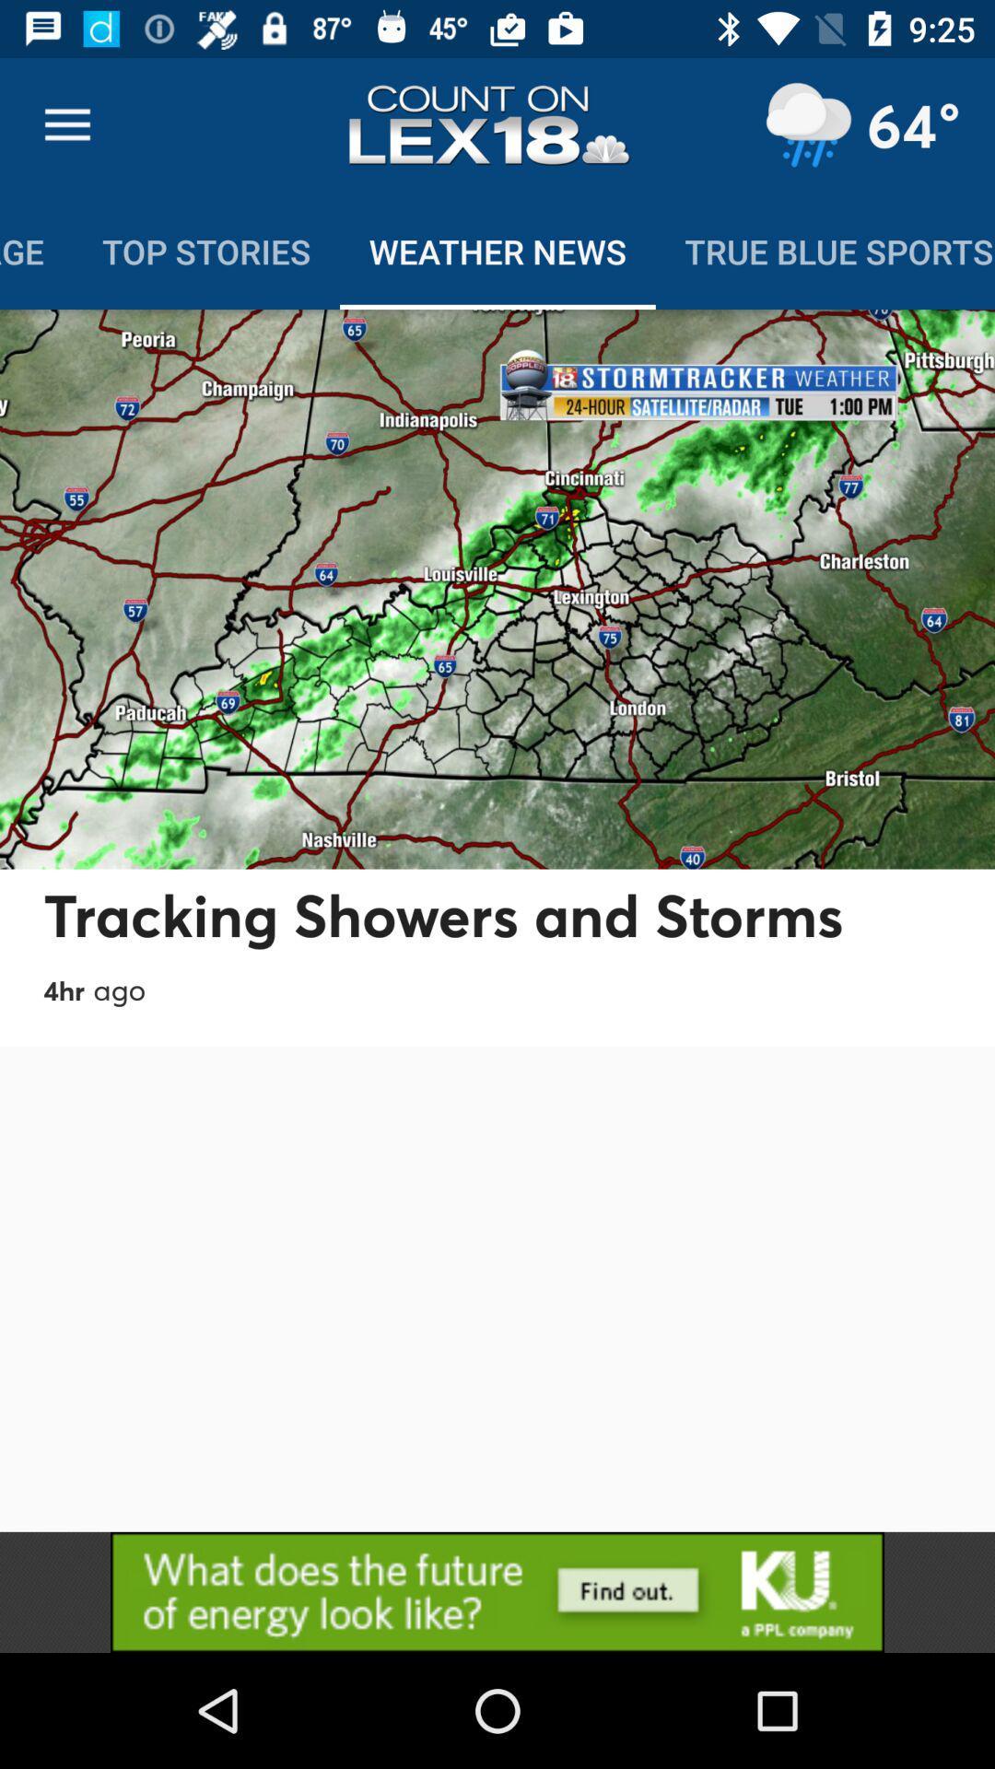 The height and width of the screenshot is (1769, 995). I want to click on its going to rain, so click(807, 124).